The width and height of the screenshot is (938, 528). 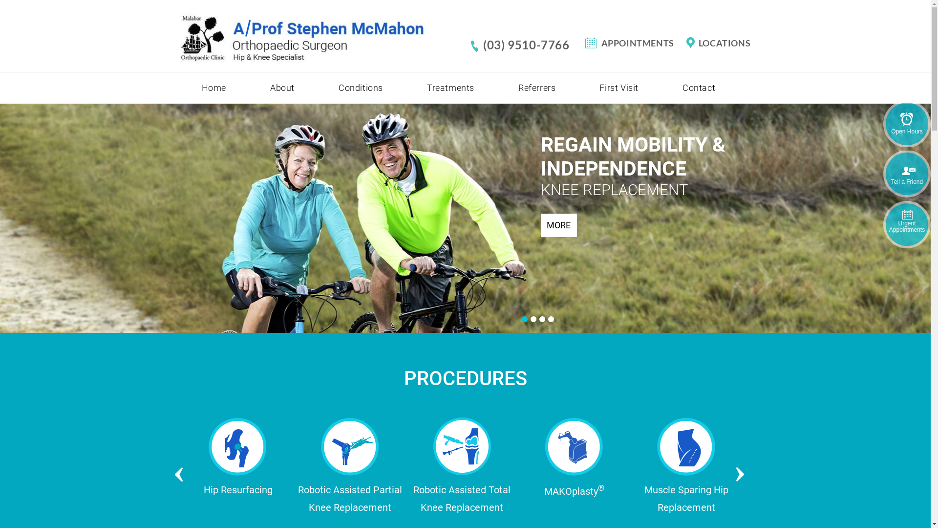 What do you see at coordinates (360, 88) in the screenshot?
I see `'Conditions'` at bounding box center [360, 88].